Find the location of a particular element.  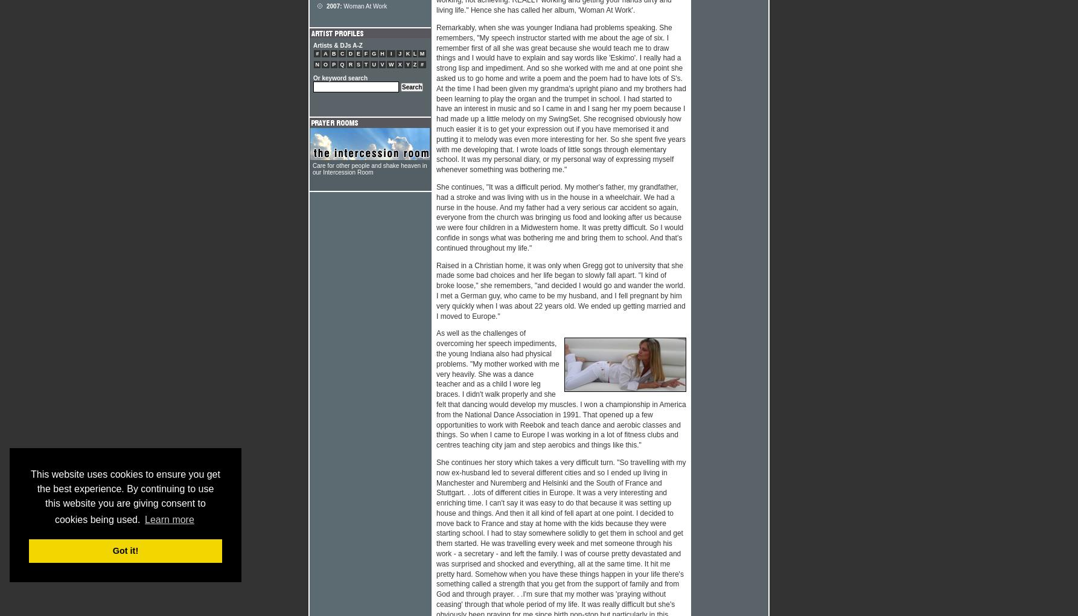

'A' is located at coordinates (325, 53).